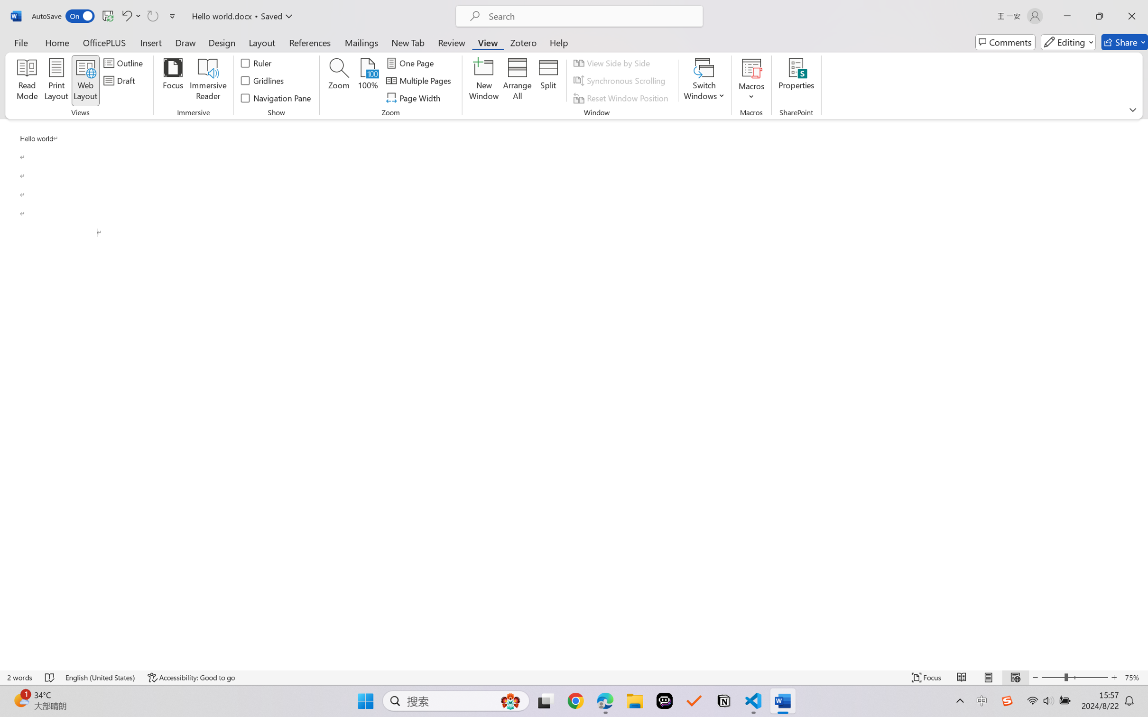 Image resolution: width=1148 pixels, height=717 pixels. Describe the element at coordinates (256, 62) in the screenshot. I see `'Ruler'` at that location.